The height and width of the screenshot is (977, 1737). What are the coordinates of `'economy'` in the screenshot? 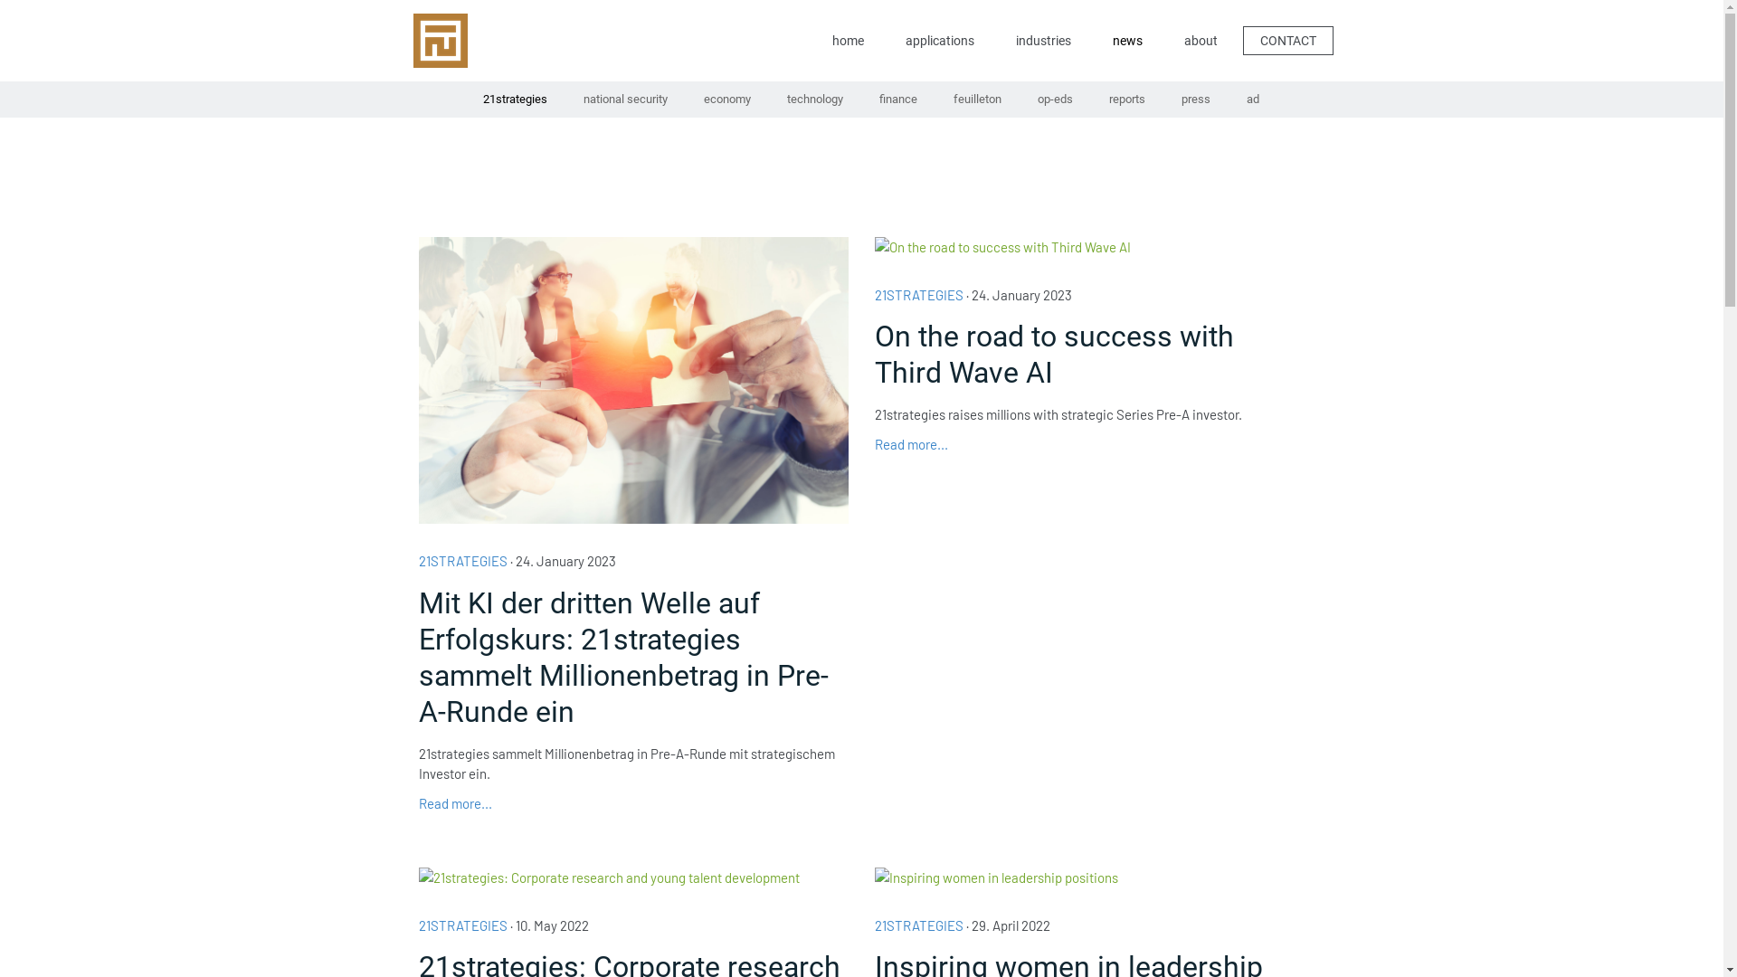 It's located at (726, 100).